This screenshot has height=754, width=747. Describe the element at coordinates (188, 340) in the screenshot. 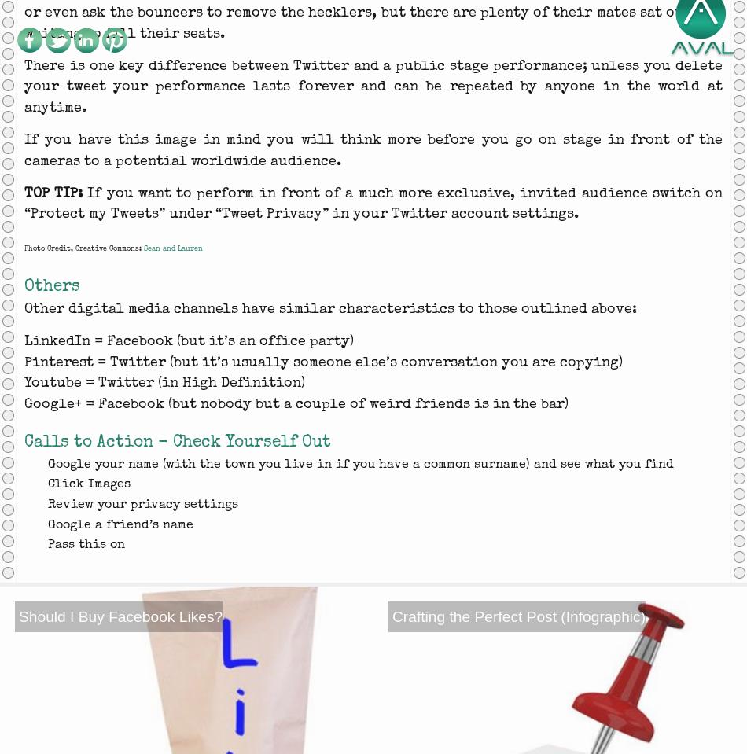

I see `'LinkedIn = Facebook (but it’s an office party)'` at that location.